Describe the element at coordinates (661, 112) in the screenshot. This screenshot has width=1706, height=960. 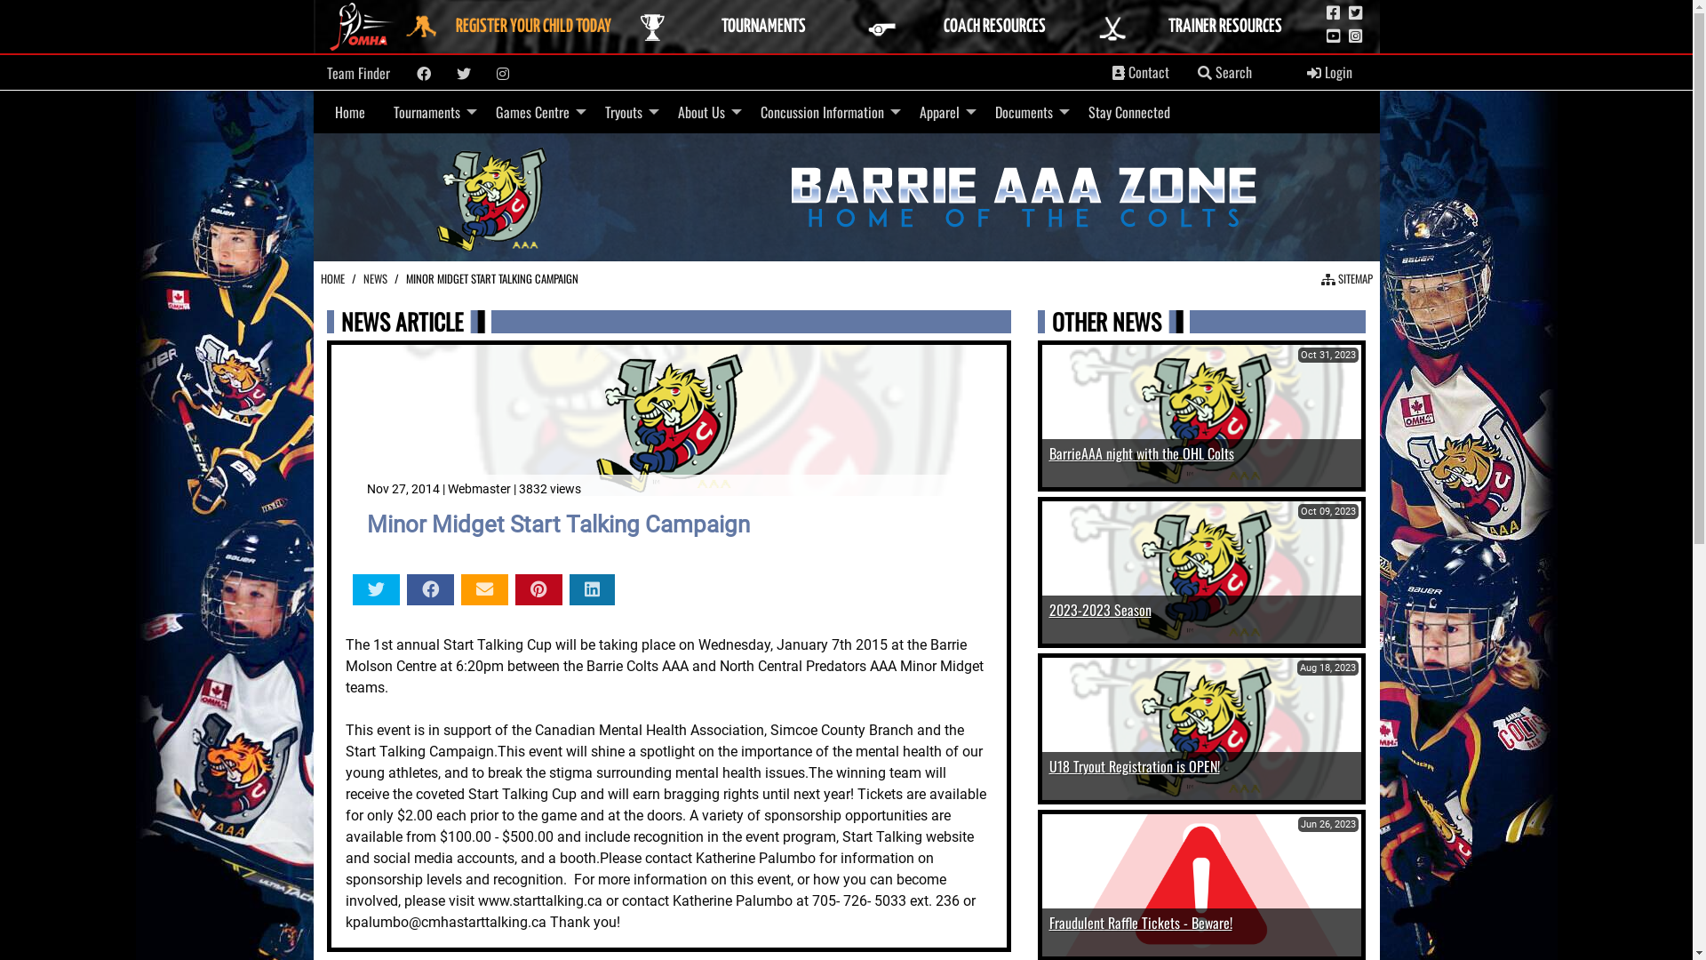
I see `'About Us'` at that location.